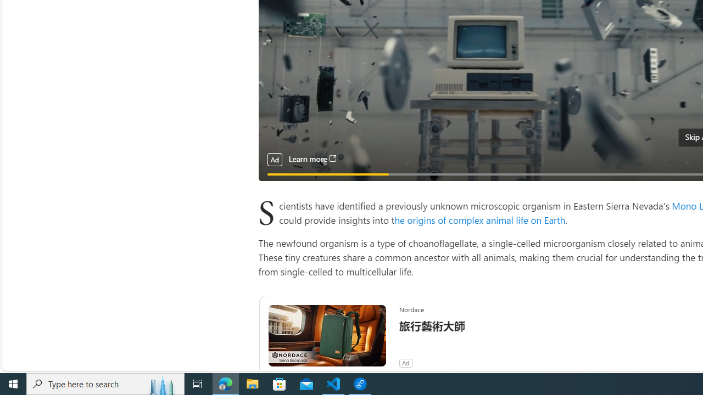 The image size is (703, 395). I want to click on 'Ad', so click(405, 363).